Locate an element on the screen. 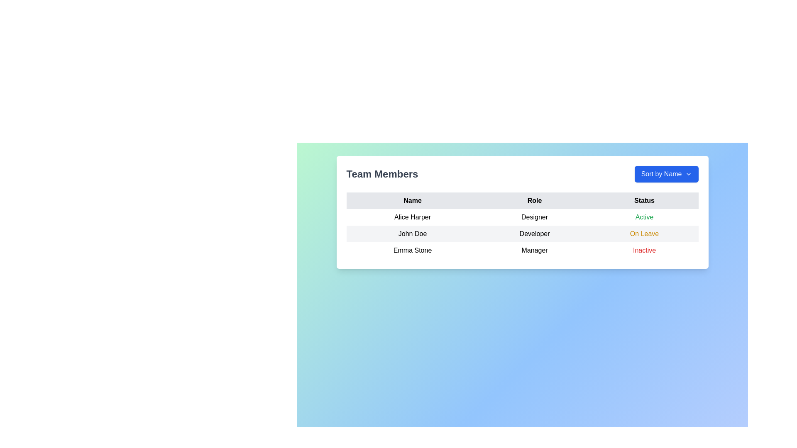 Image resolution: width=797 pixels, height=448 pixels. the text label containing 'Emma Stone' located is located at coordinates (412, 250).